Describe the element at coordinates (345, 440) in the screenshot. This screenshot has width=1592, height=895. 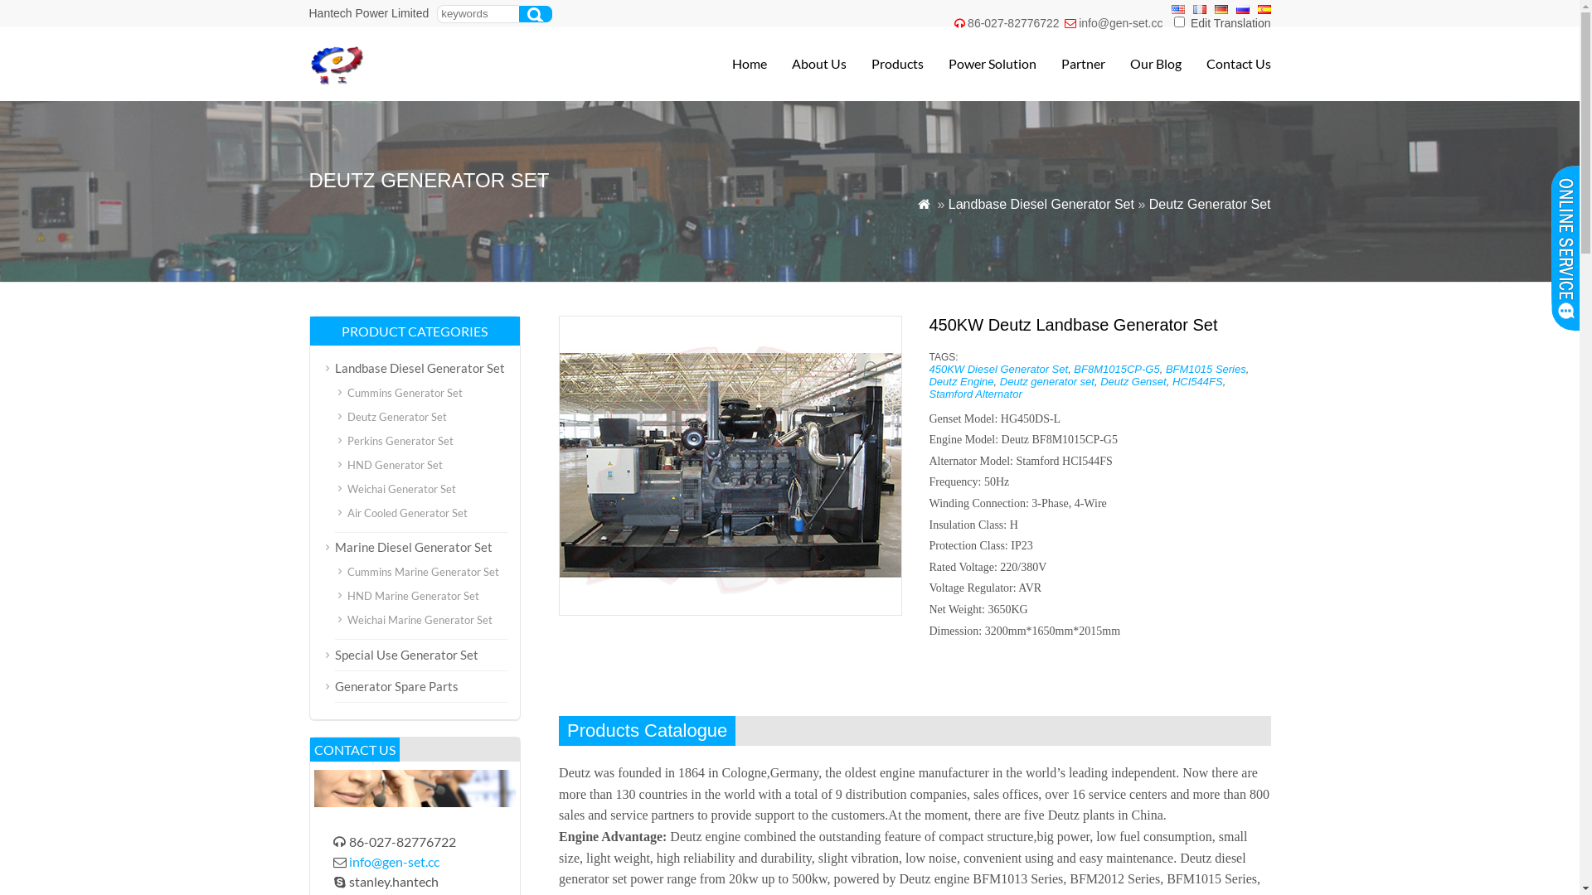
I see `'Perkins Generator Set'` at that location.